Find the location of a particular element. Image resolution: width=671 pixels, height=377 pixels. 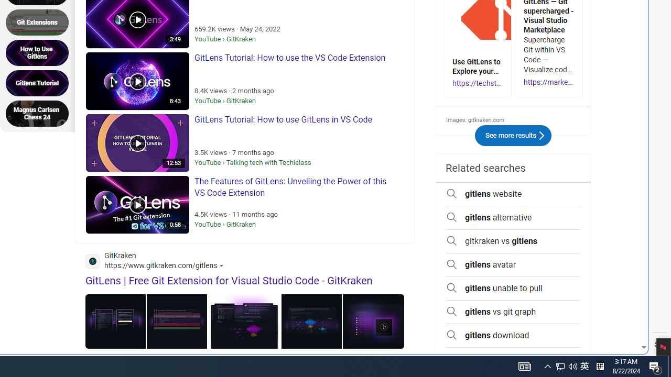

'Magnus Carlsen Chess 24' is located at coordinates (40, 114).